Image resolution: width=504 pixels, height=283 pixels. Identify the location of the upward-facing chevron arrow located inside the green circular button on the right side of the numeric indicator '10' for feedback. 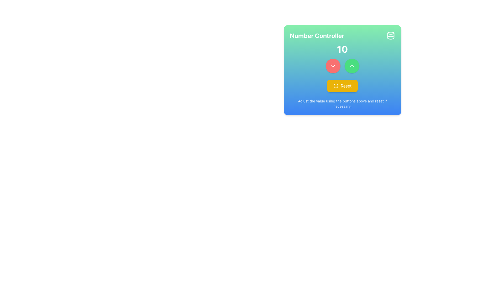
(352, 66).